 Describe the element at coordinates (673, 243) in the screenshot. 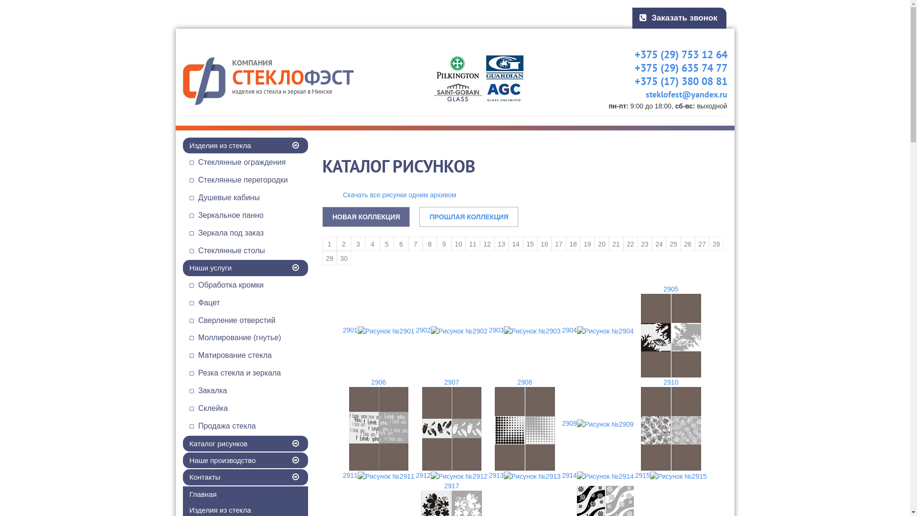

I see `'25'` at that location.